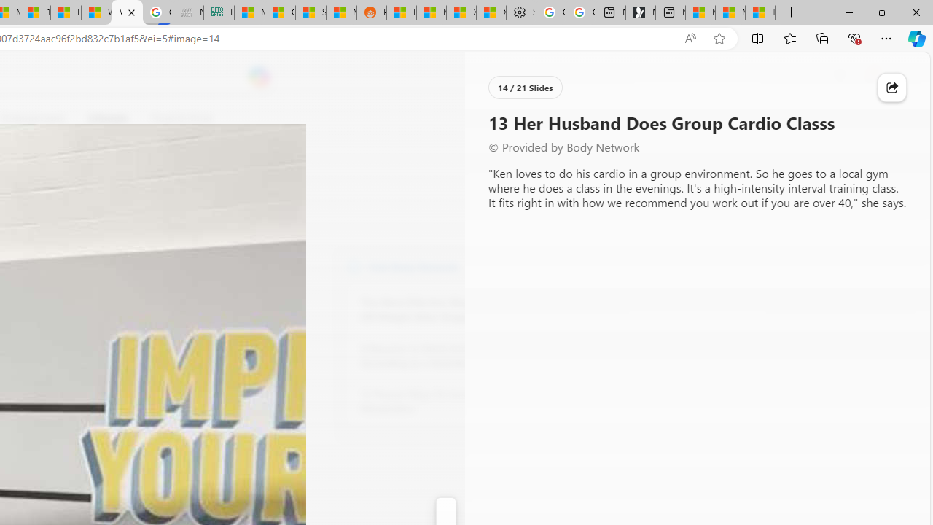  Describe the element at coordinates (640, 12) in the screenshot. I see `'Microsoft Start Gaming'` at that location.